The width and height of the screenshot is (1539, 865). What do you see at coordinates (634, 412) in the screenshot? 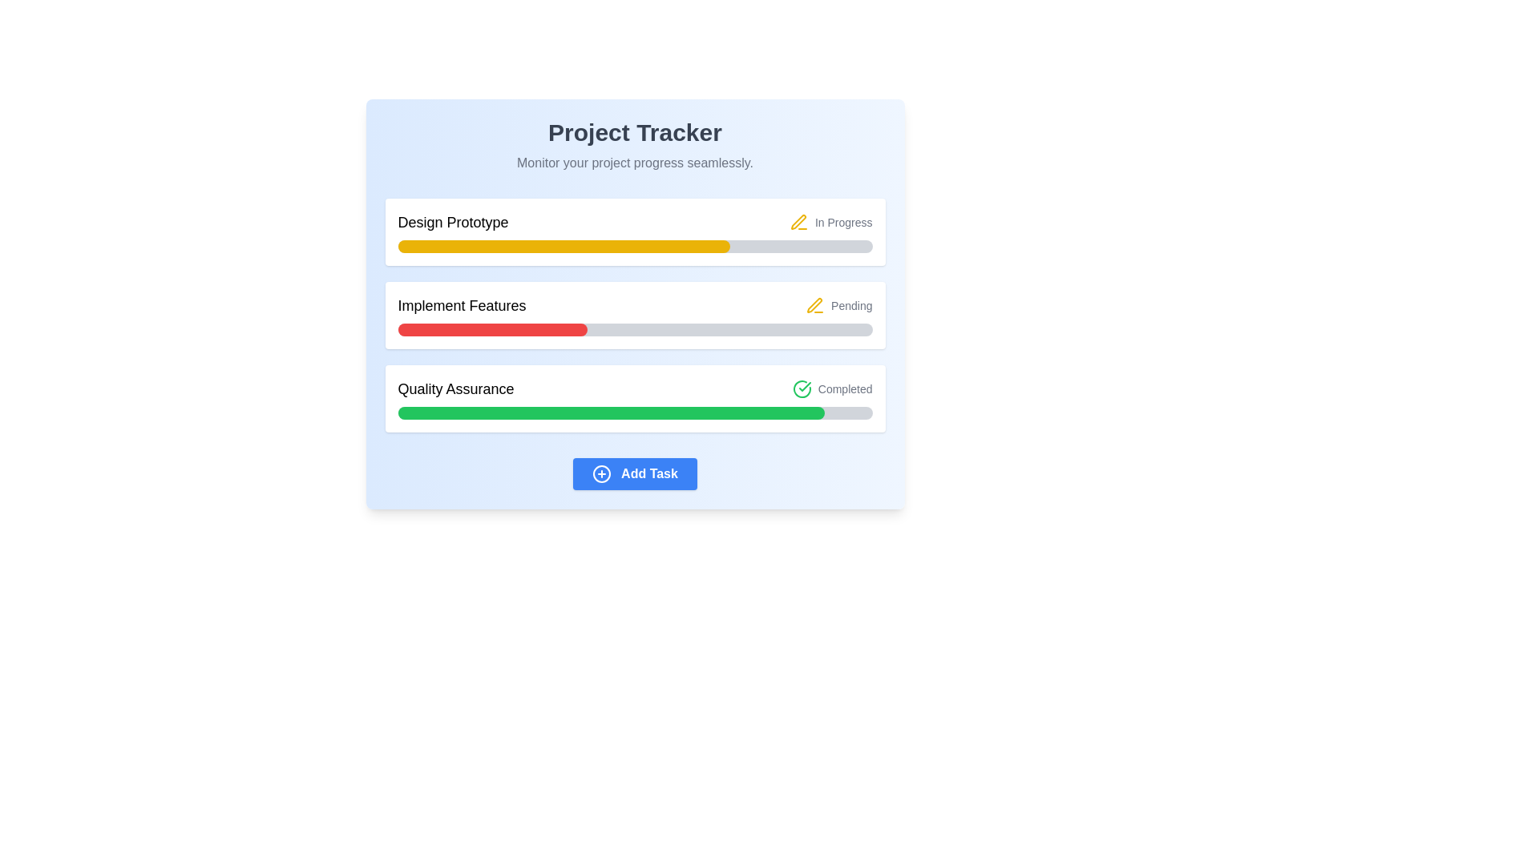
I see `the horizontal progress bar with a rounded rectangular shape that indicates approximately 90% completion, located within the 'Quality Assurance' card in the 'Project Tracker' interface` at bounding box center [634, 412].